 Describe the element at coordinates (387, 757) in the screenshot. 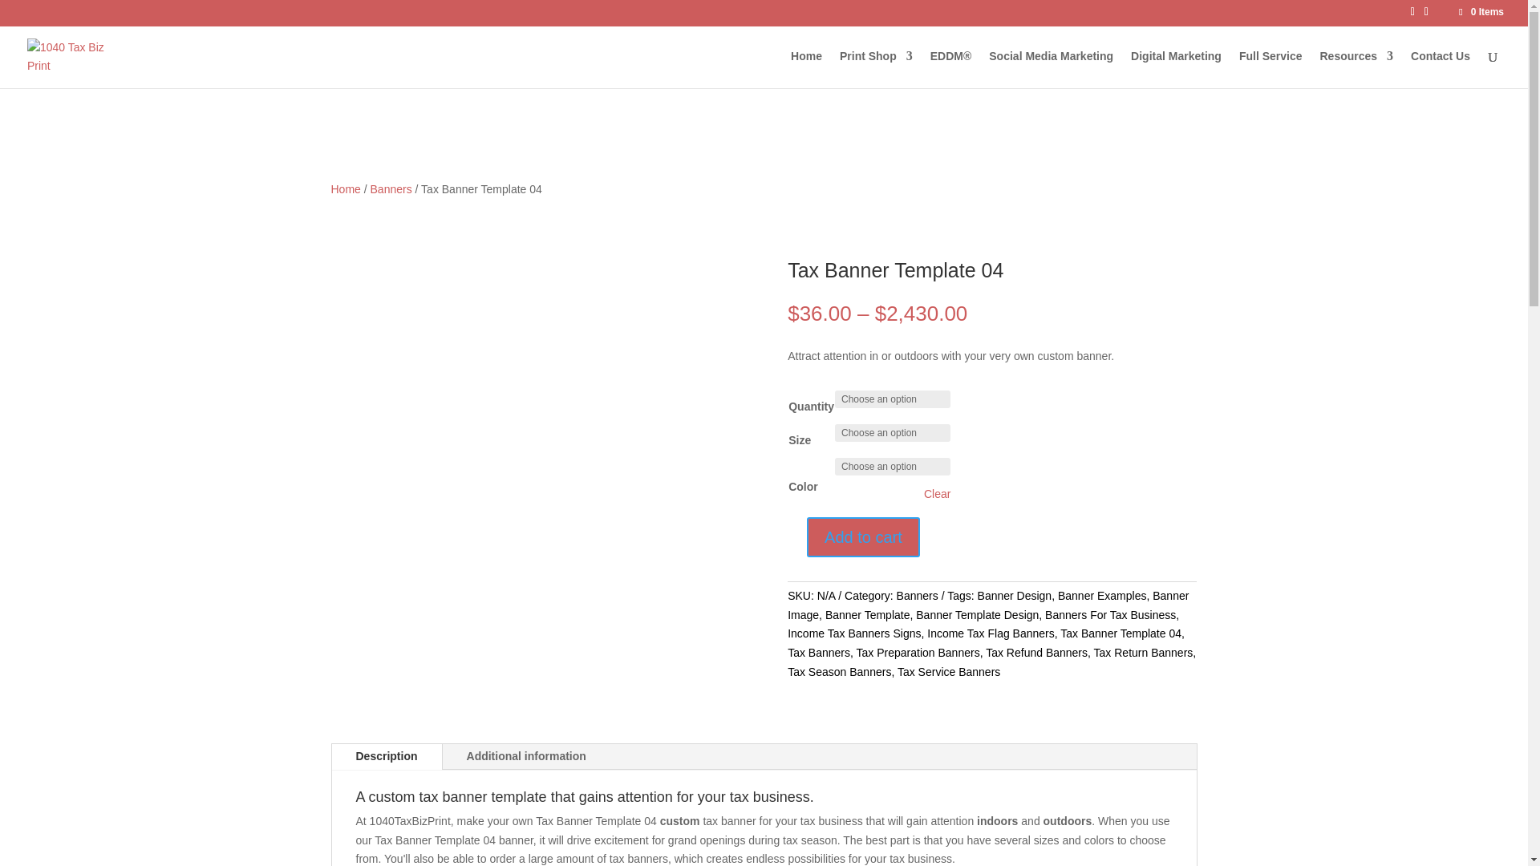

I see `'Description'` at that location.